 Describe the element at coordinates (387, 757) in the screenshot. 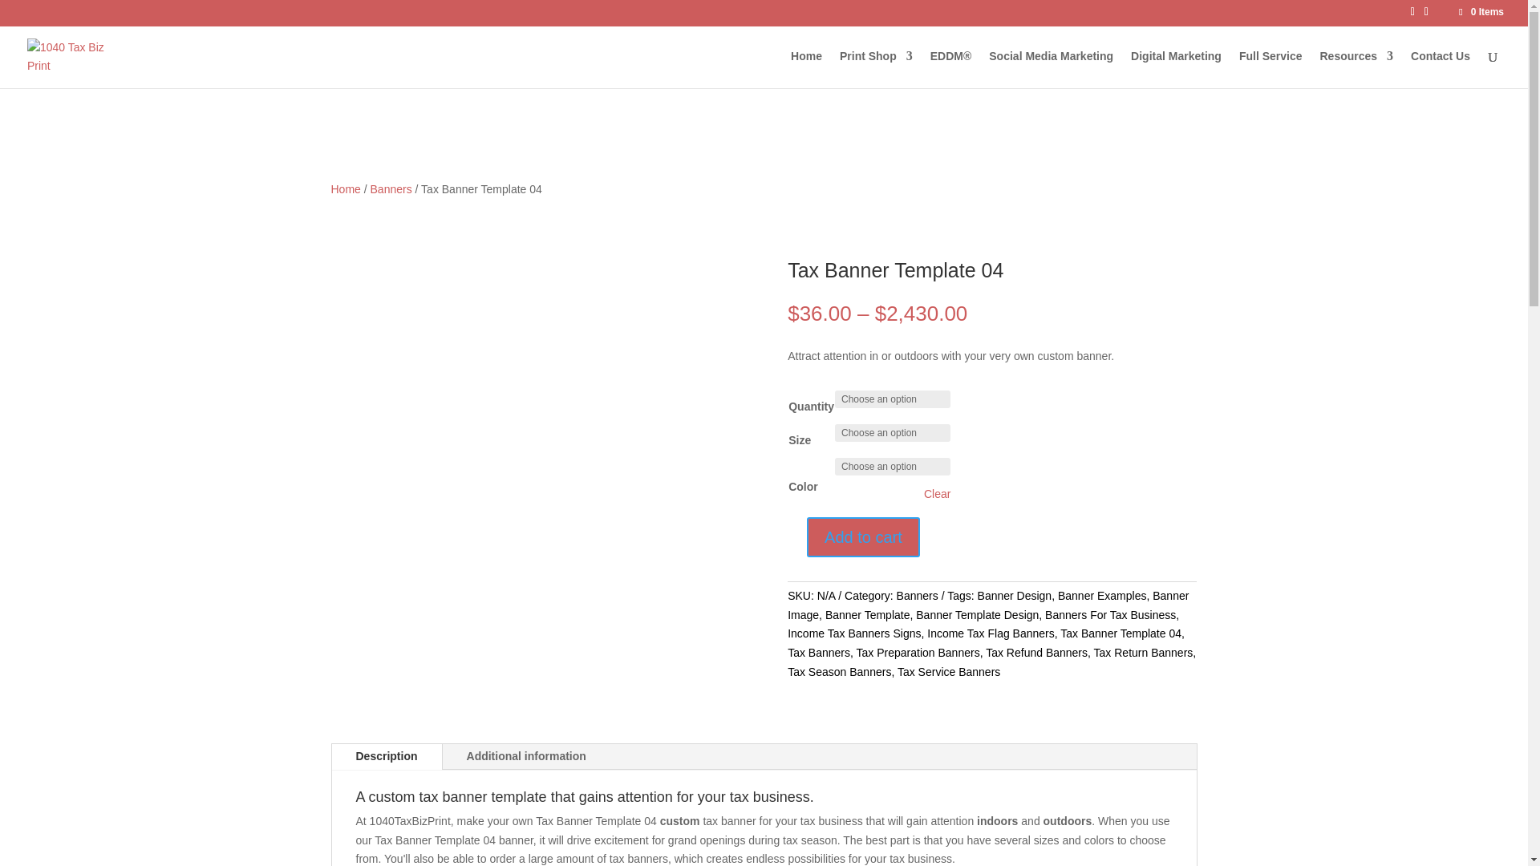

I see `'Description'` at that location.